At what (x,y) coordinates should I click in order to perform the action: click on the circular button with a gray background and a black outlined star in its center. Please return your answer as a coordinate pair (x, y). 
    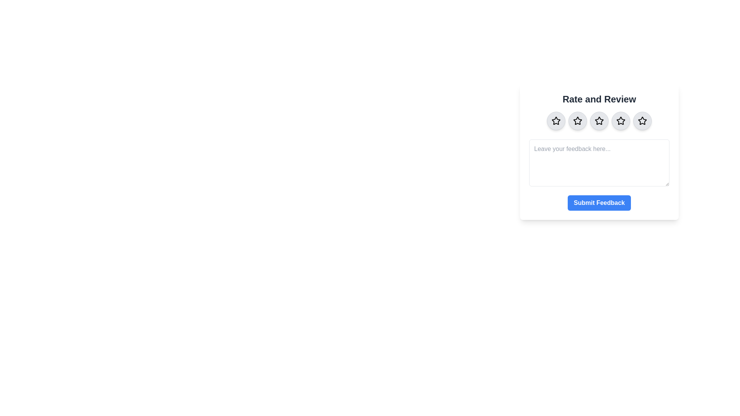
    Looking at the image, I should click on (621, 121).